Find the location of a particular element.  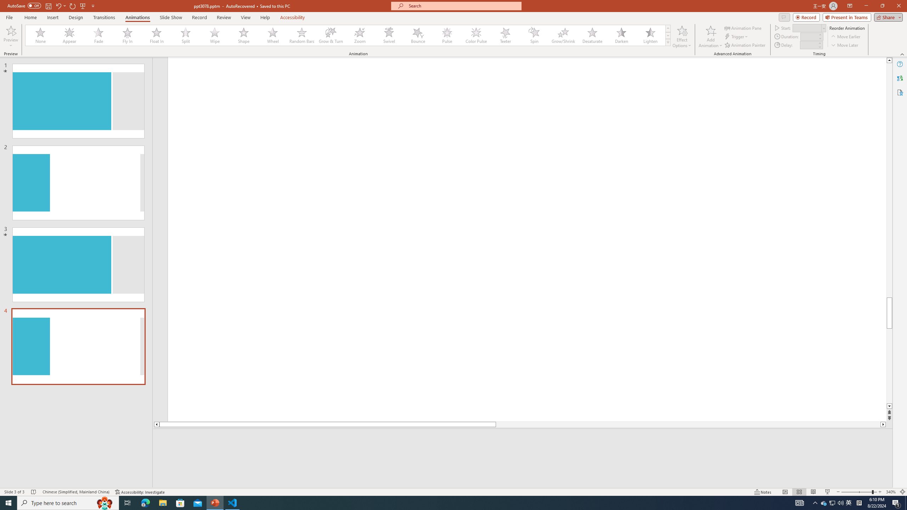

'Swivel' is located at coordinates (389, 35).